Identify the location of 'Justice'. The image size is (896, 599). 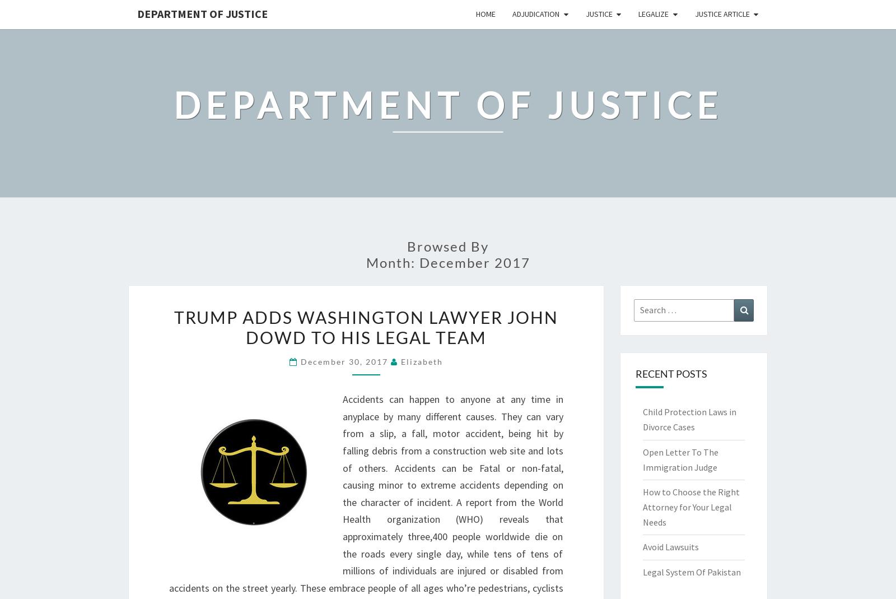
(598, 13).